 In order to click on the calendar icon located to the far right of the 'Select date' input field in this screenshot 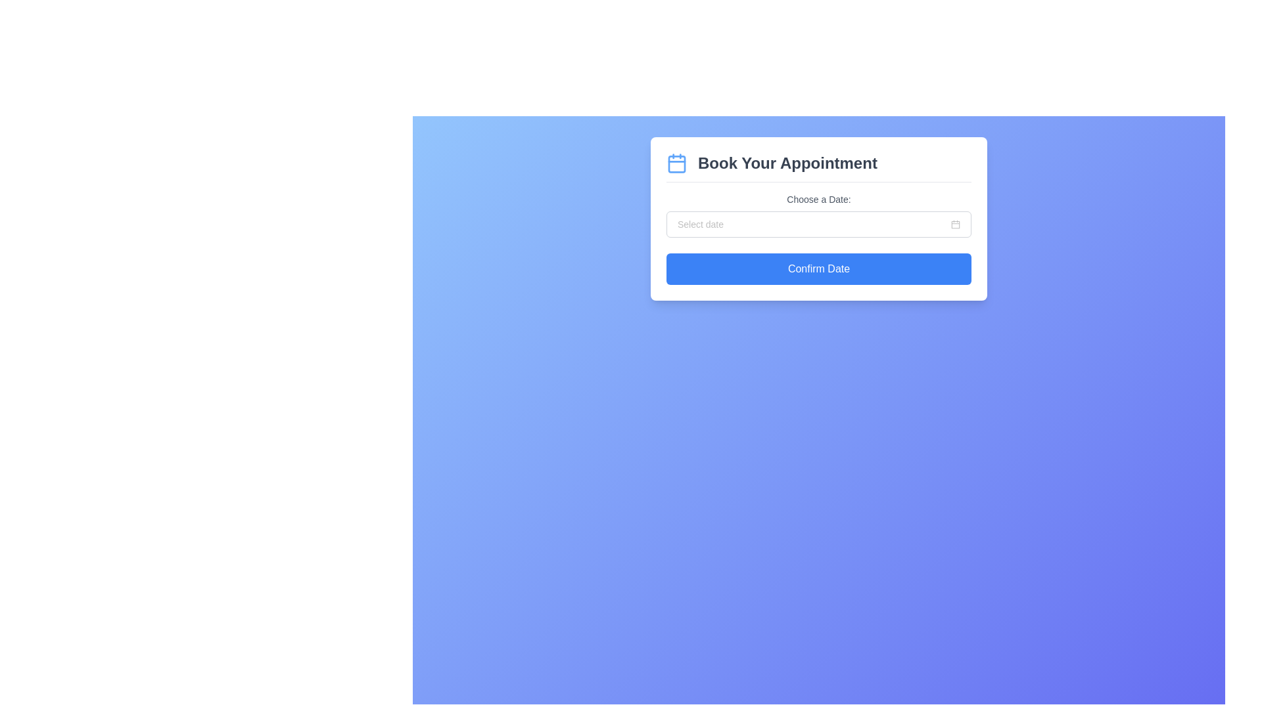, I will do `click(956, 224)`.